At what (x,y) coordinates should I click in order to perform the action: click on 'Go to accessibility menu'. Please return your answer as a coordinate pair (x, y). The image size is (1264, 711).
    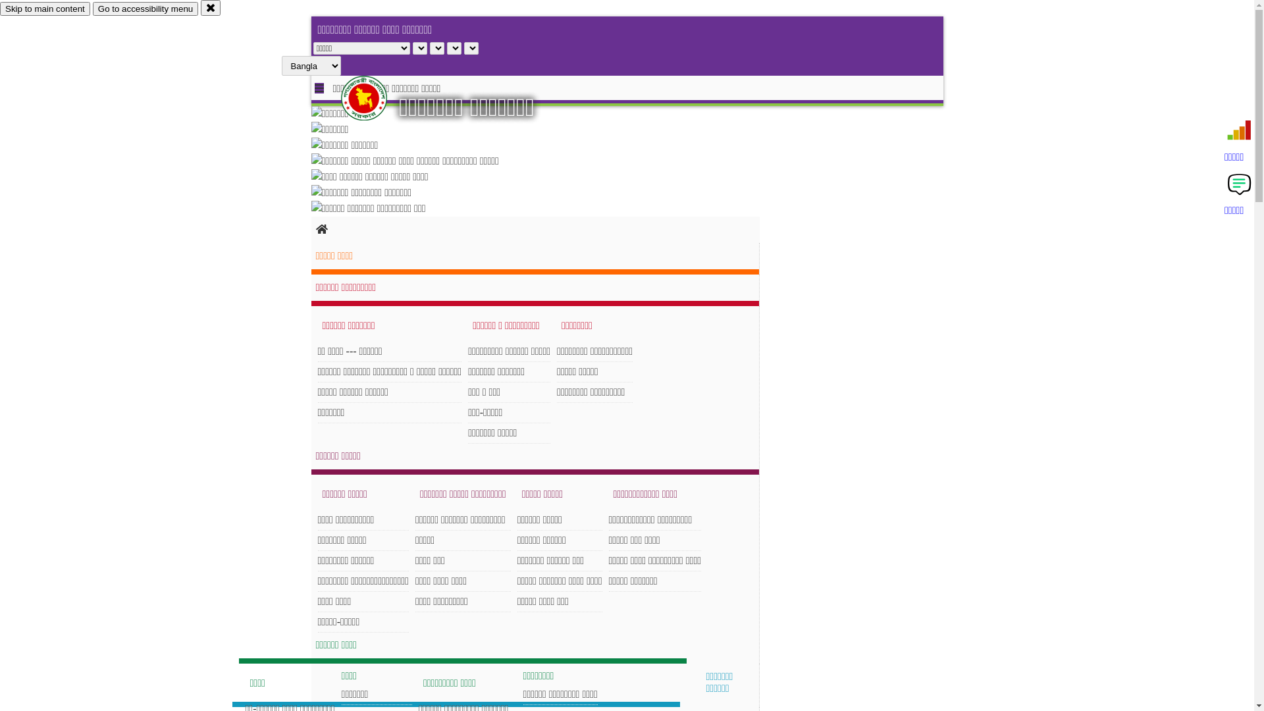
    Looking at the image, I should click on (145, 9).